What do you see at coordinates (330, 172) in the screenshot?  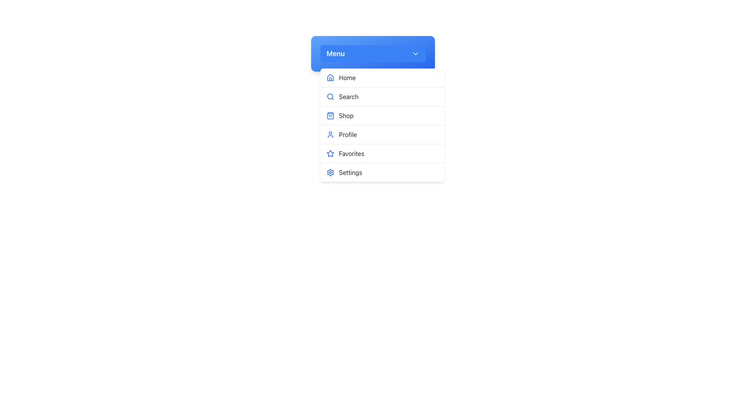 I see `the settings icon located at the leftmost side of the 'Settings' menu option in the dropdown, adjacent to the text 'Settings.'` at bounding box center [330, 172].